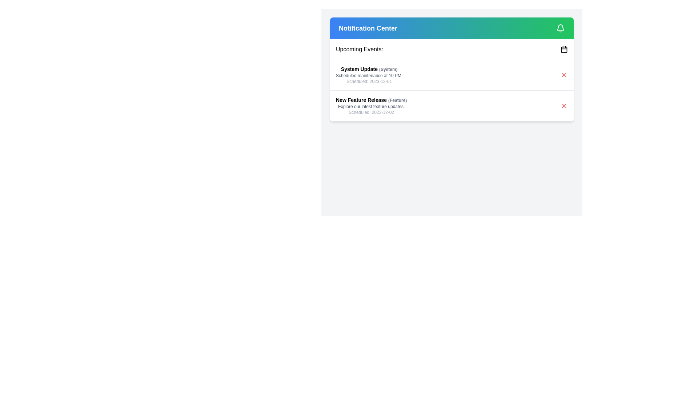 The image size is (698, 393). What do you see at coordinates (369, 69) in the screenshot?
I see `the title text label of the first notification in the Notification Center, which summarizes the system update` at bounding box center [369, 69].